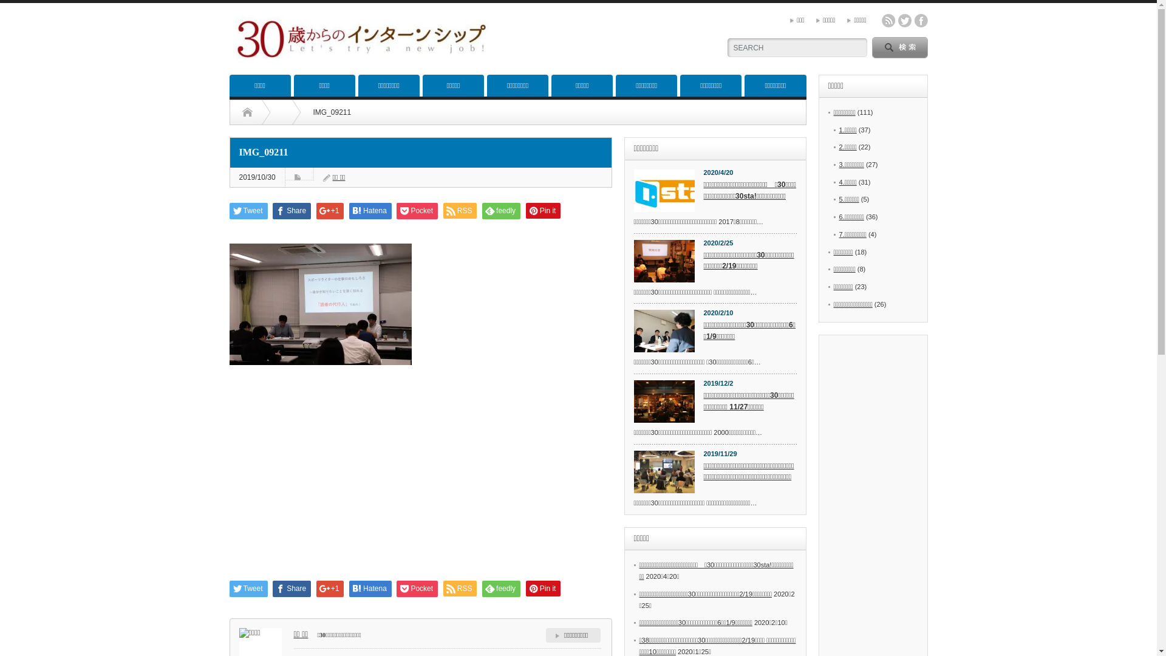  What do you see at coordinates (330, 210) in the screenshot?
I see `'+1'` at bounding box center [330, 210].